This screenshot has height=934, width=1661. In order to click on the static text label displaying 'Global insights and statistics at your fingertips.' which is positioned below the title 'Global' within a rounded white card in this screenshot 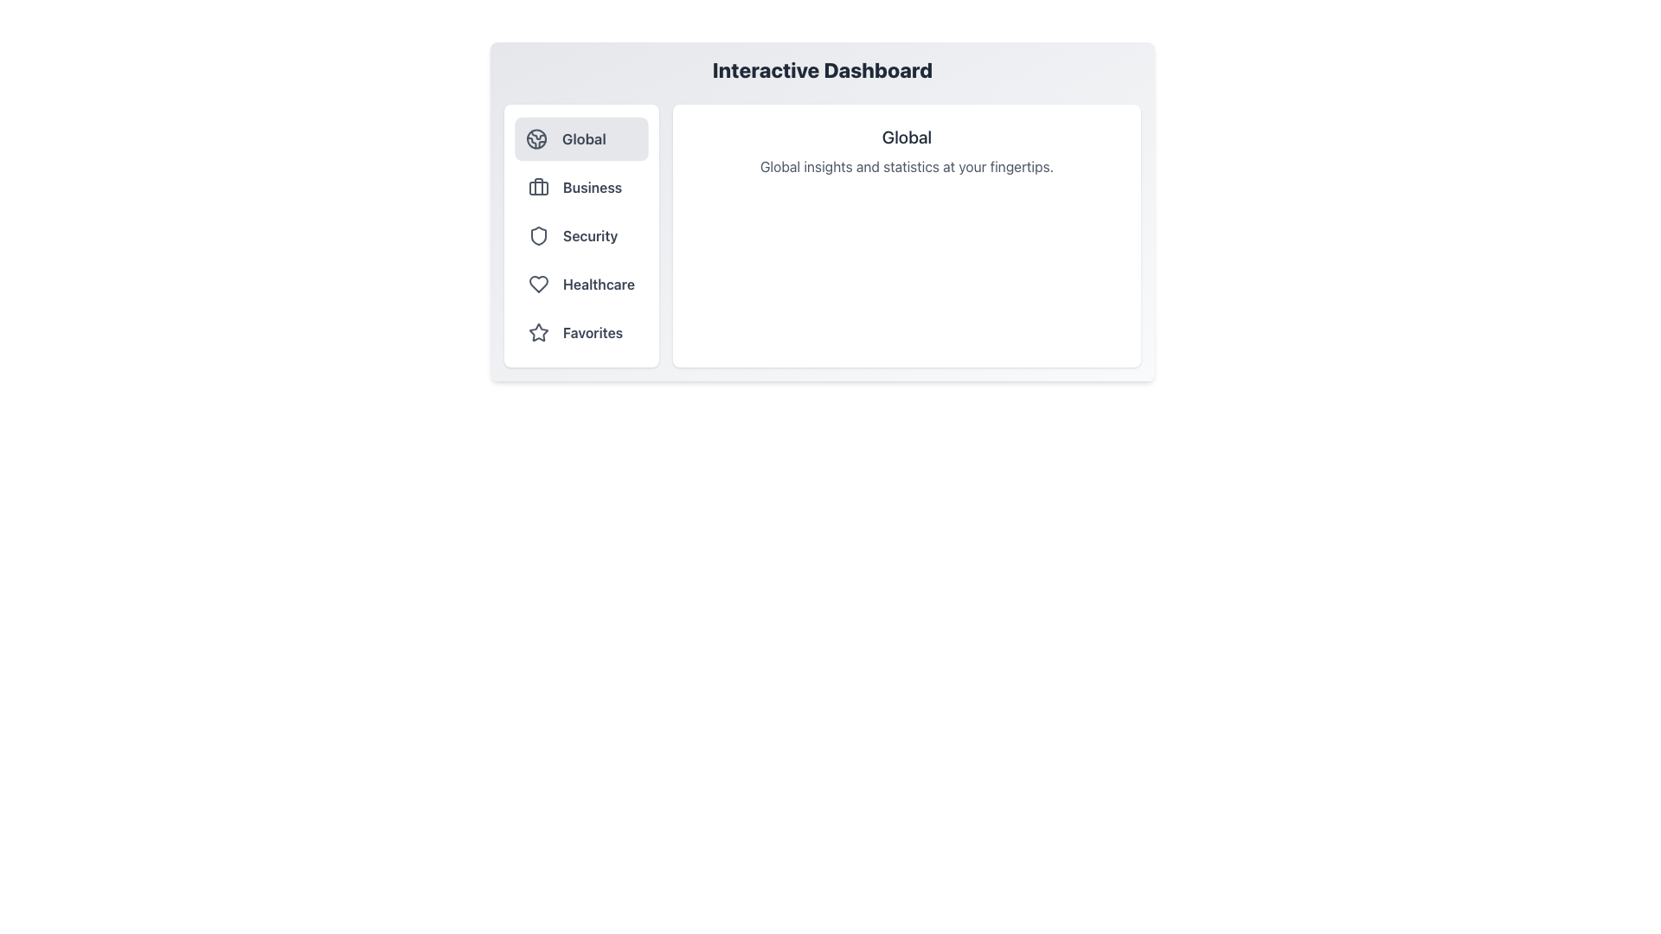, I will do `click(906, 166)`.